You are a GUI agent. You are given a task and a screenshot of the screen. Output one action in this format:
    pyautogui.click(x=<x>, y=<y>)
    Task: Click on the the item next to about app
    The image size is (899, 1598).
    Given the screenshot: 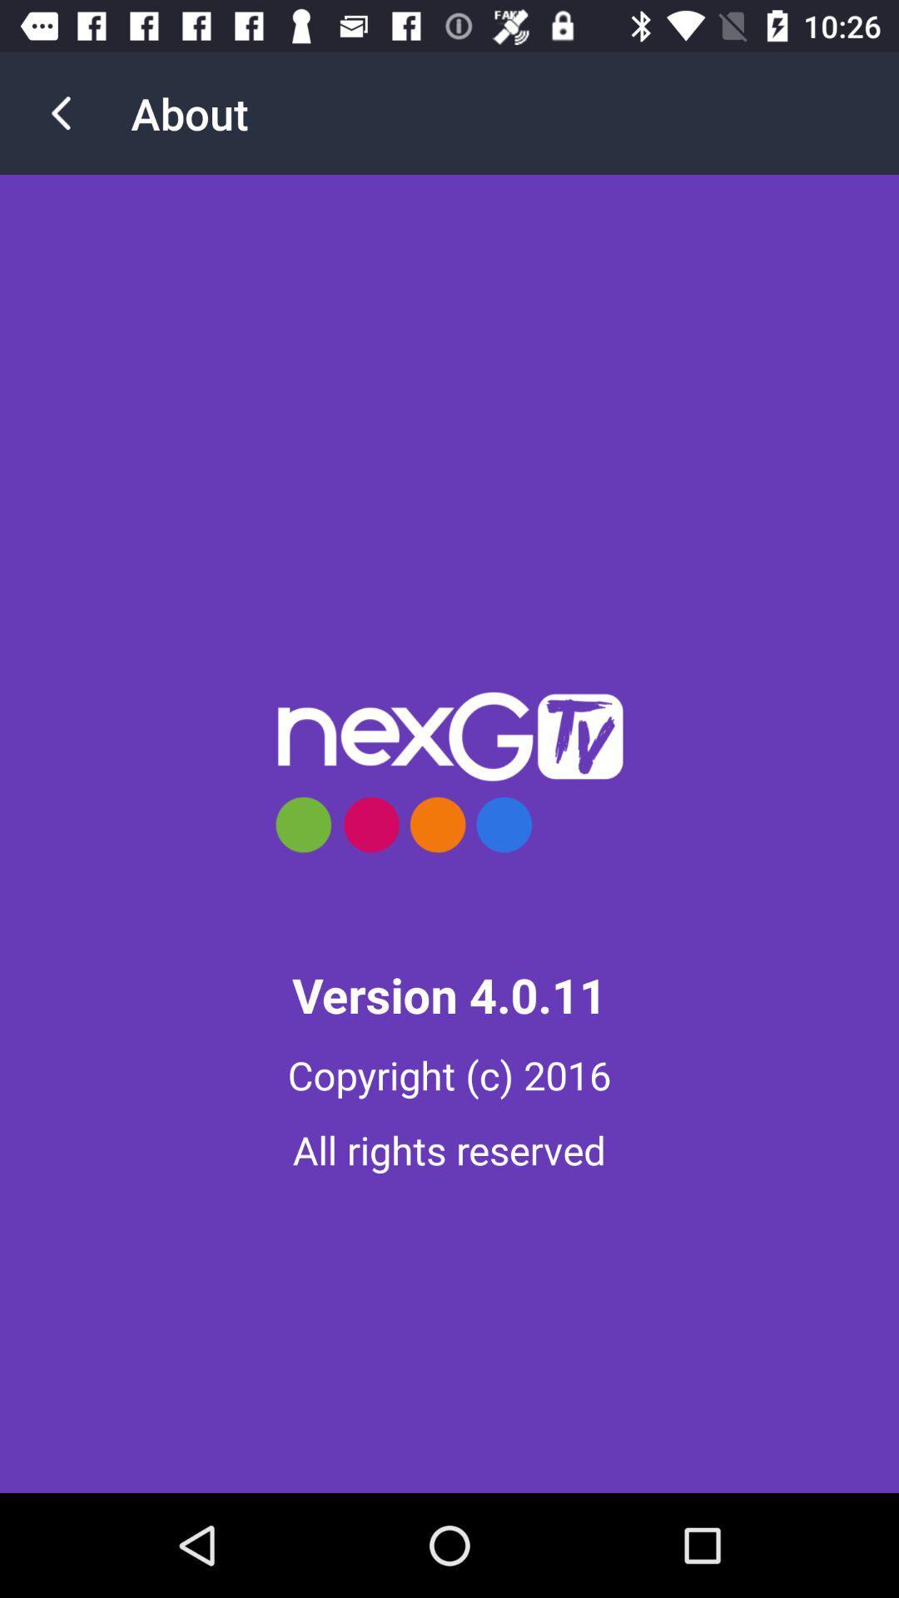 What is the action you would take?
    pyautogui.click(x=60, y=112)
    